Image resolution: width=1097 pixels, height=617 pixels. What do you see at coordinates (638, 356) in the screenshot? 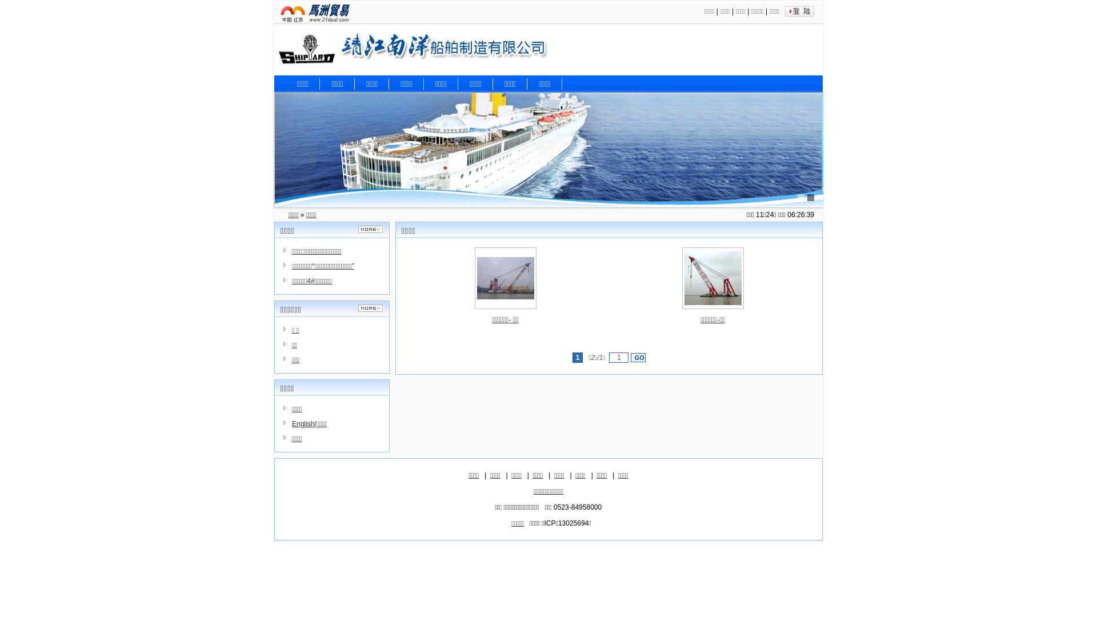
I see `'GO'` at bounding box center [638, 356].